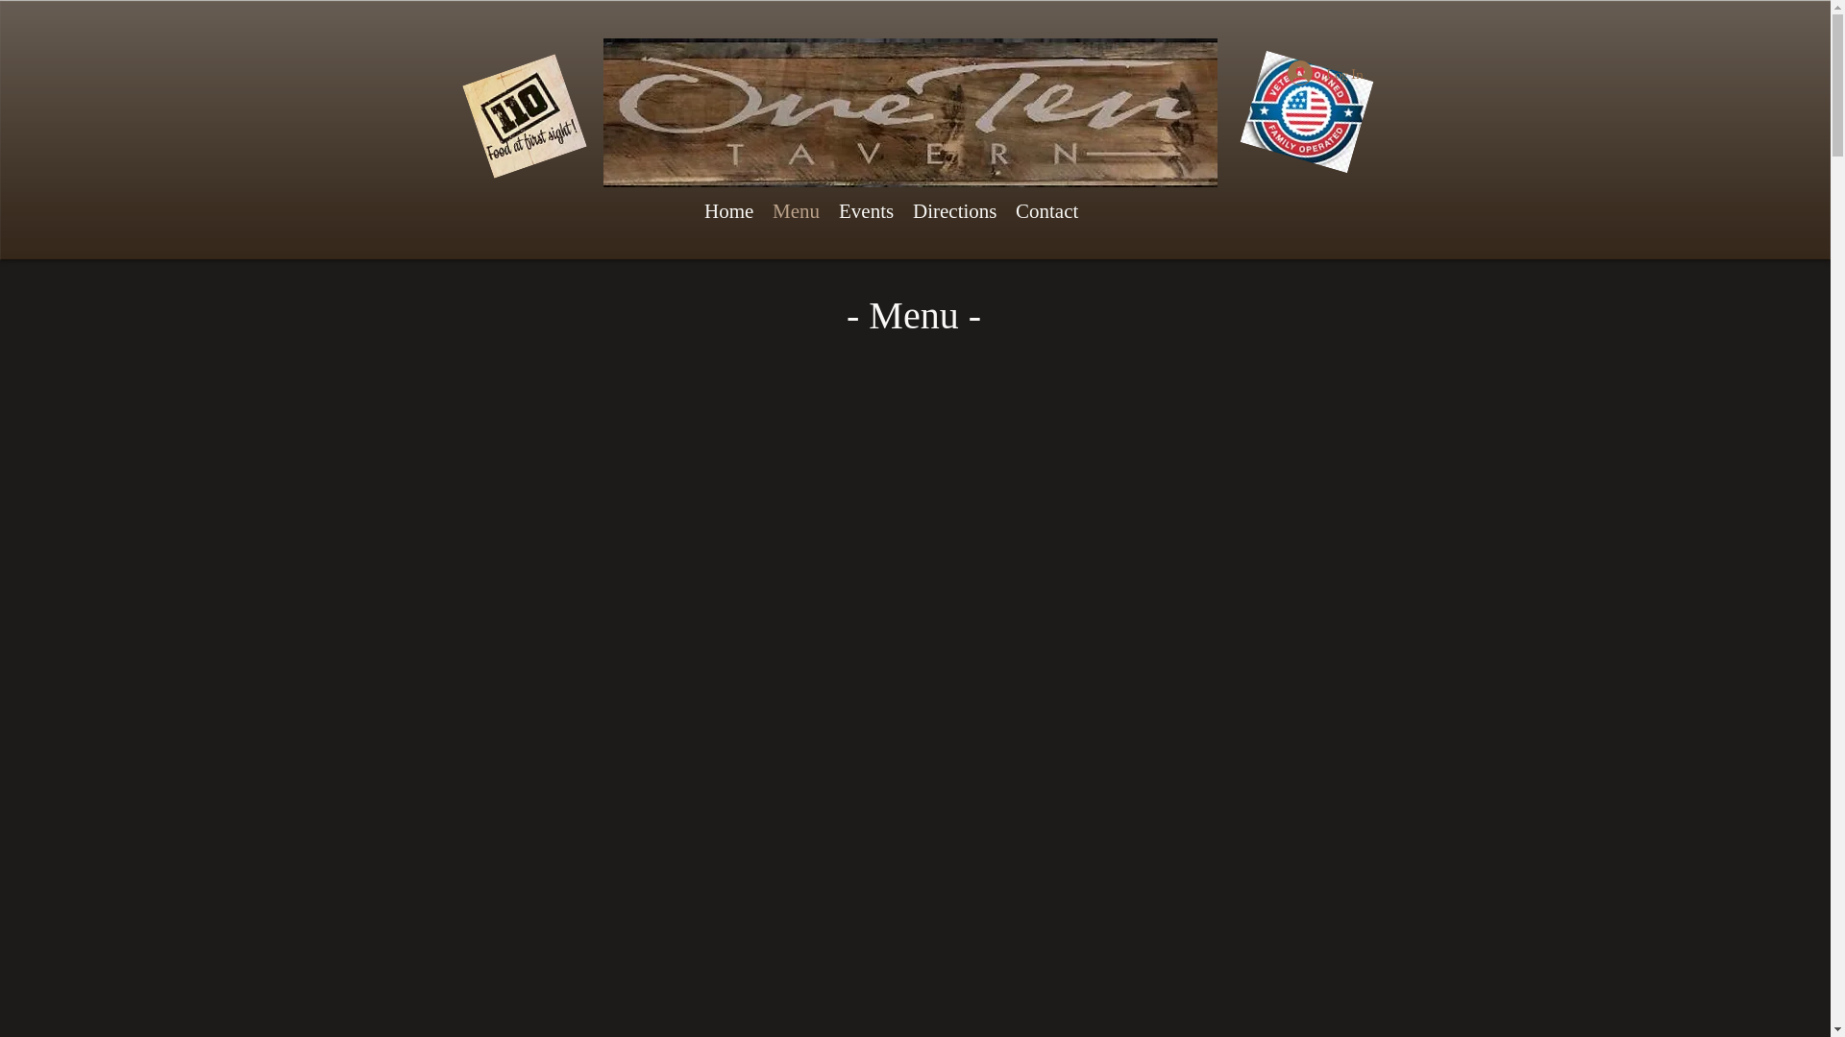 The height and width of the screenshot is (1037, 1845). I want to click on 'Home', so click(727, 210).